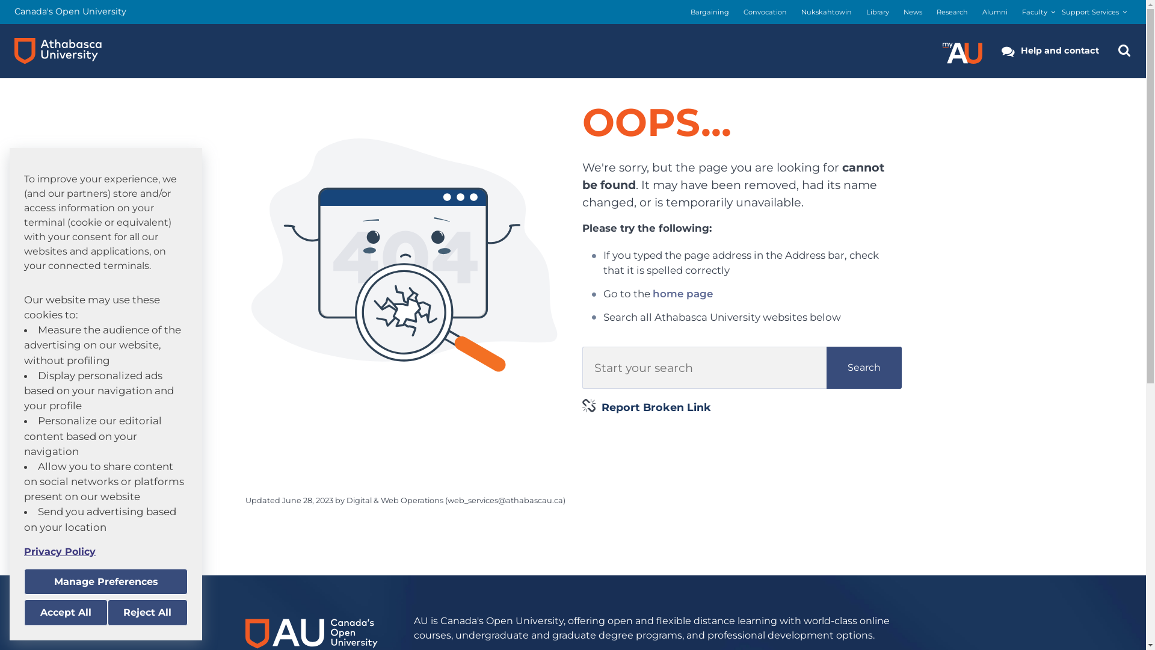  What do you see at coordinates (682, 294) in the screenshot?
I see `'home page'` at bounding box center [682, 294].